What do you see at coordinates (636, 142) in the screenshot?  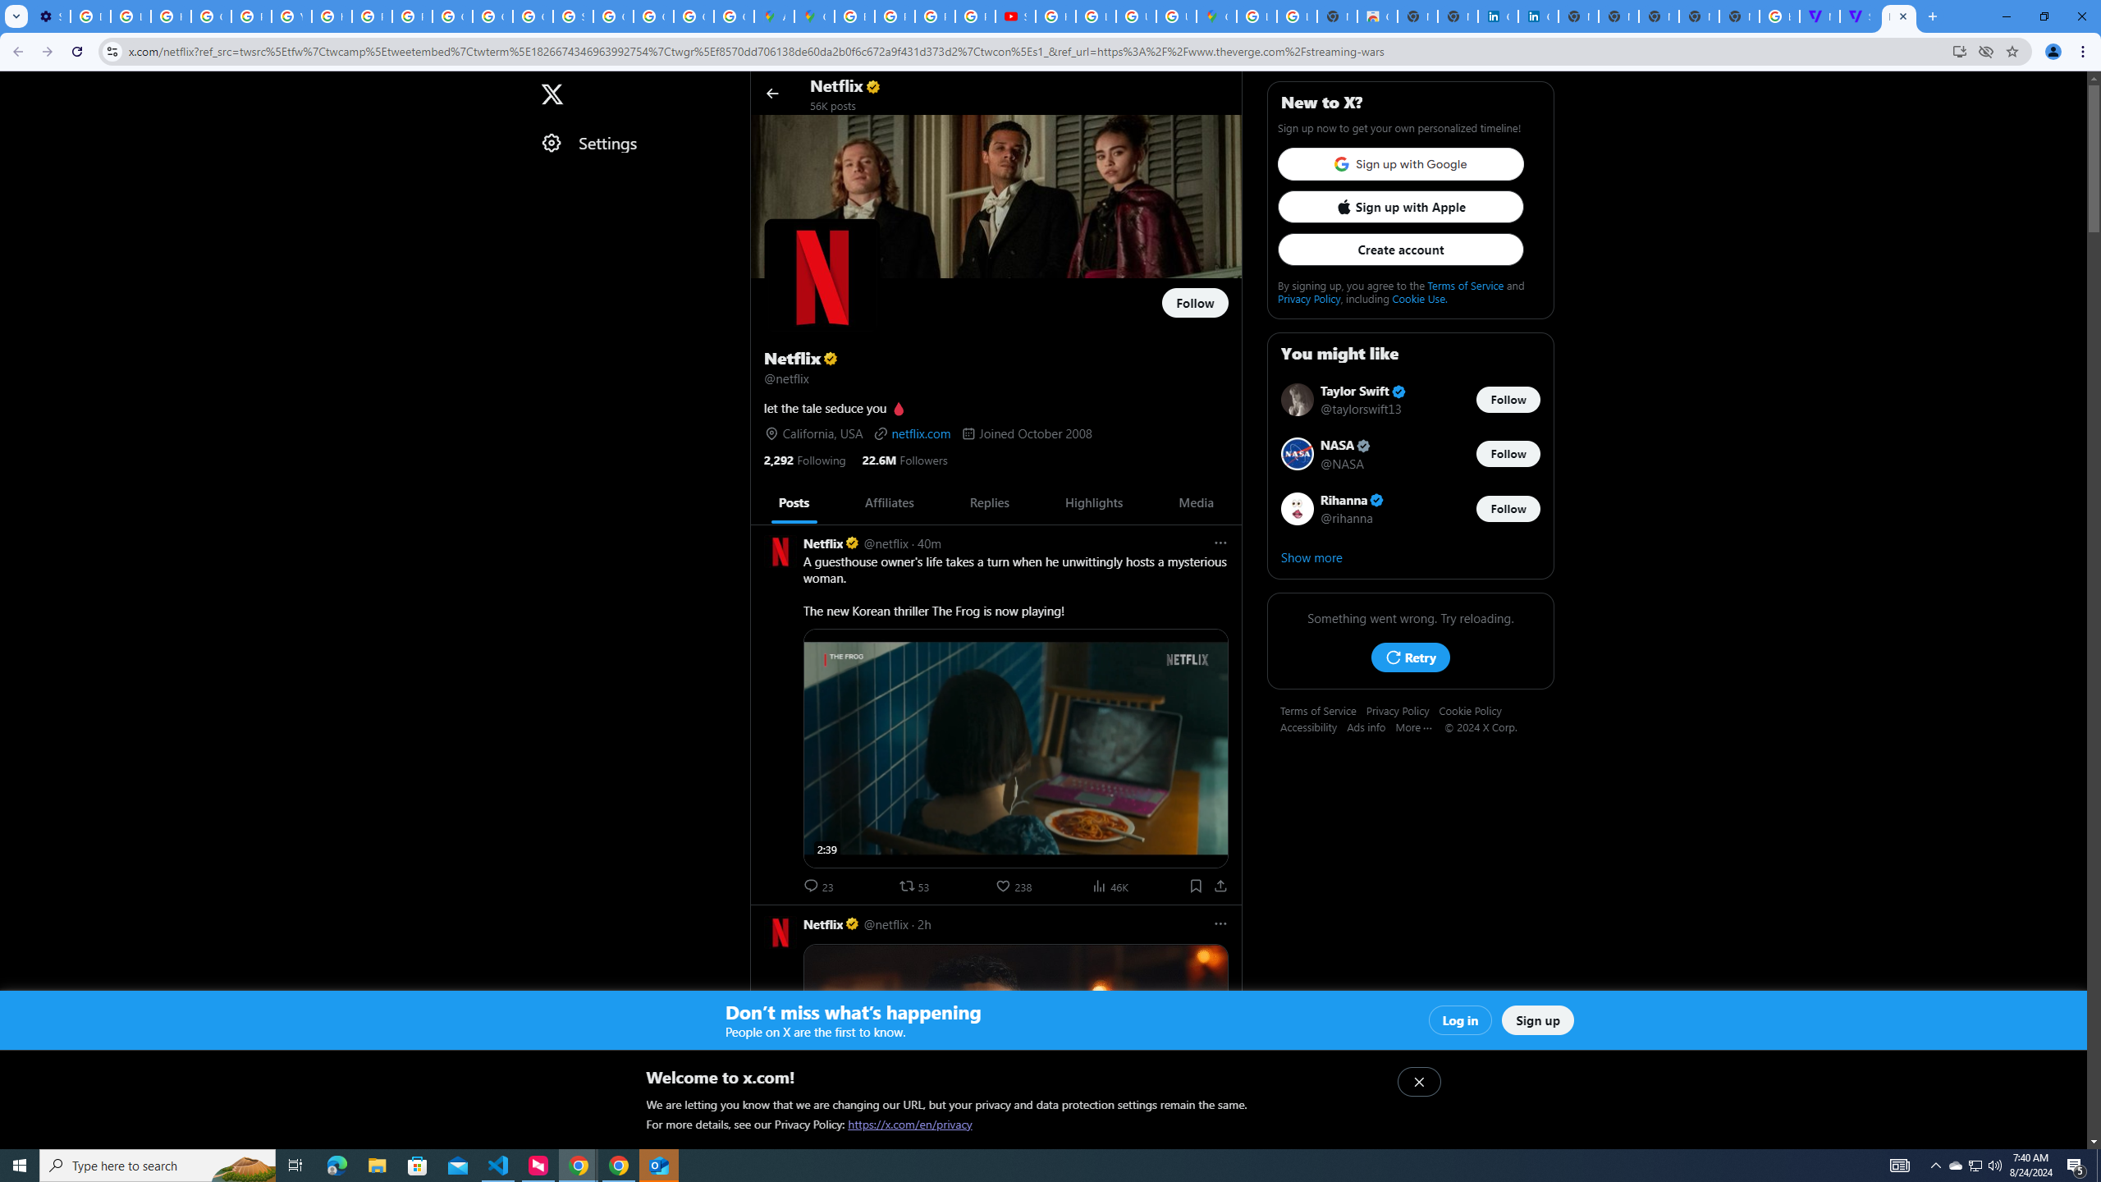 I see `'Settings'` at bounding box center [636, 142].